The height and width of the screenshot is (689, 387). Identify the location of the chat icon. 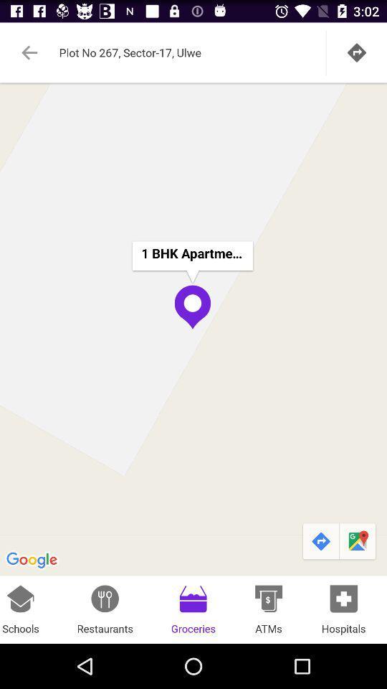
(358, 580).